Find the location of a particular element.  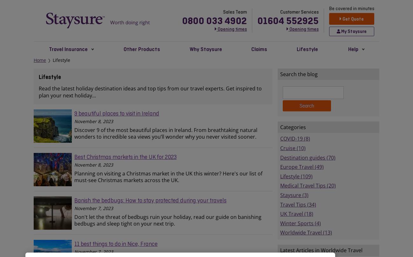

'Customer Services' is located at coordinates (280, 12).